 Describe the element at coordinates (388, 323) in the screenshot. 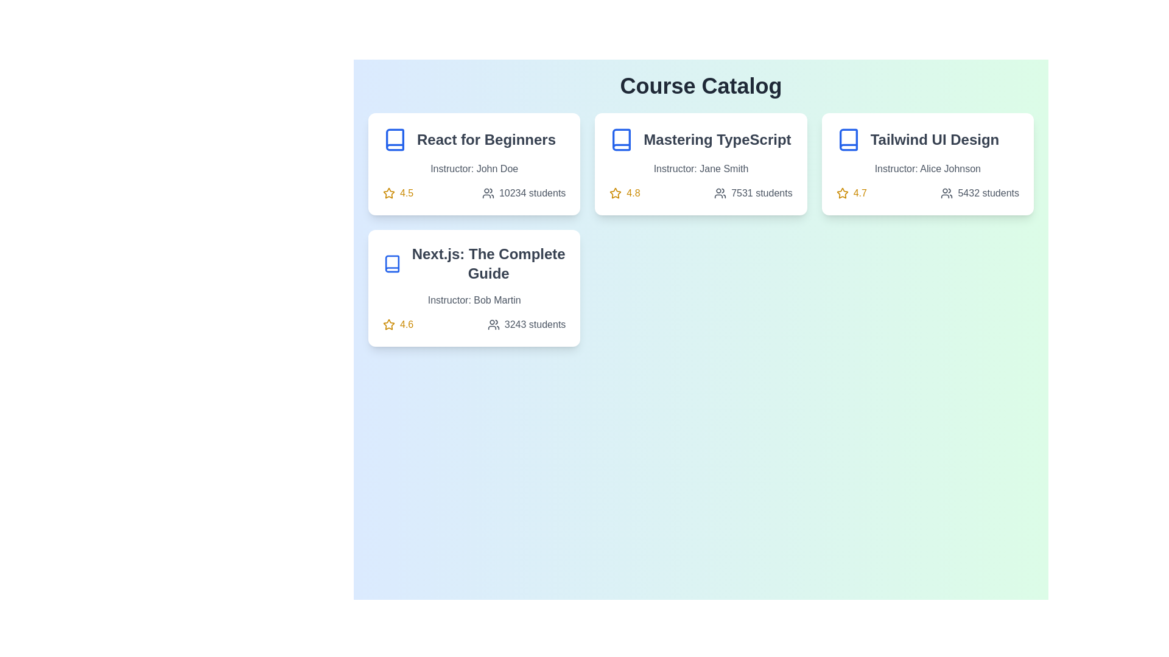

I see `the rating associated with the star icon positioned to the left of the rating number '4.6' in the second card labeled 'Next.js: The Complete Guide' within the 'Course Catalog'` at that location.